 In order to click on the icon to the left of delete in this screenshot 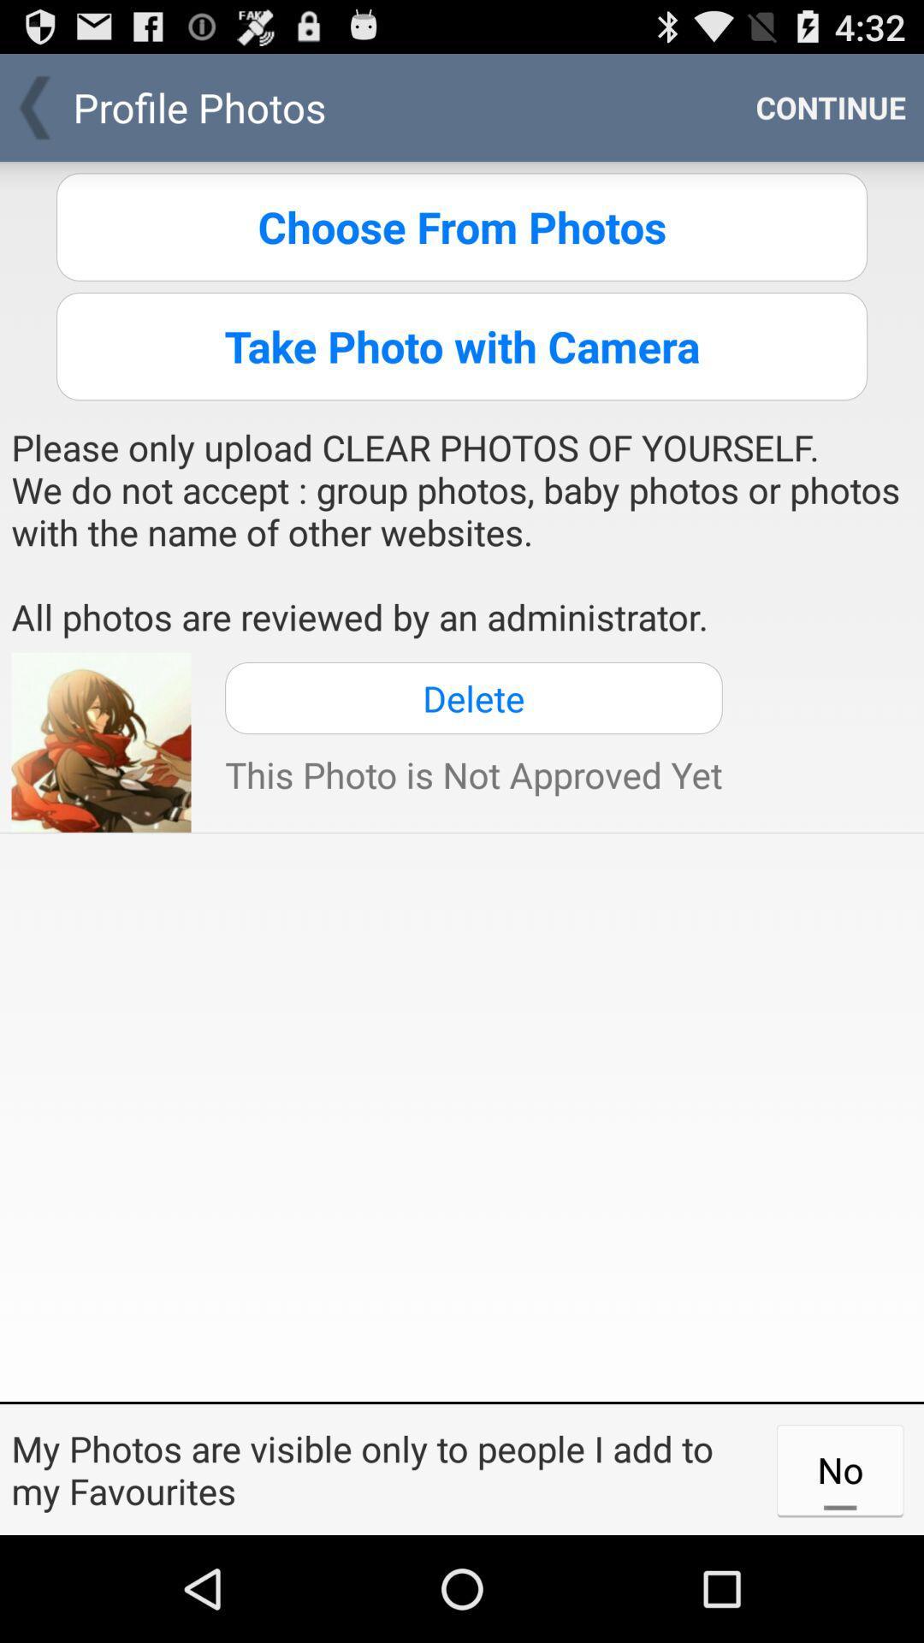, I will do `click(101, 742)`.